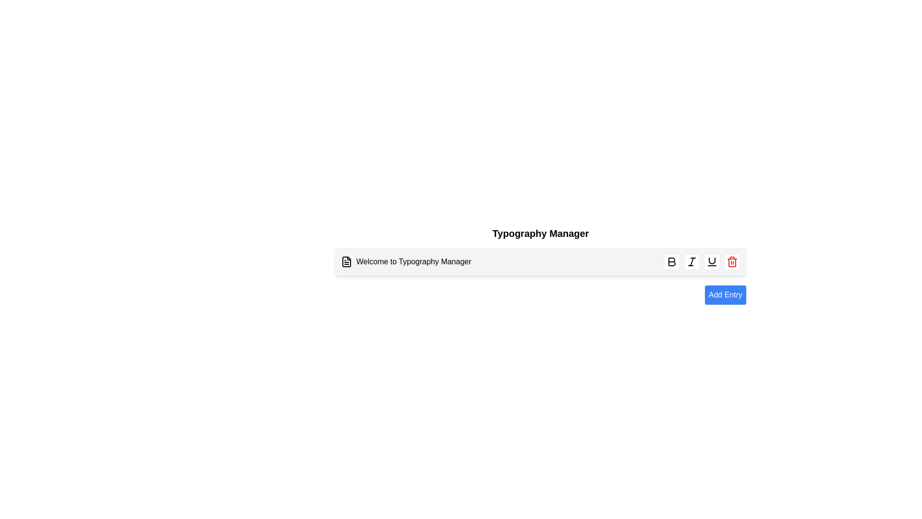  Describe the element at coordinates (691, 261) in the screenshot. I see `the decorative line of the italic icon located in the toolbar to toggle the italic style for selected text` at that location.